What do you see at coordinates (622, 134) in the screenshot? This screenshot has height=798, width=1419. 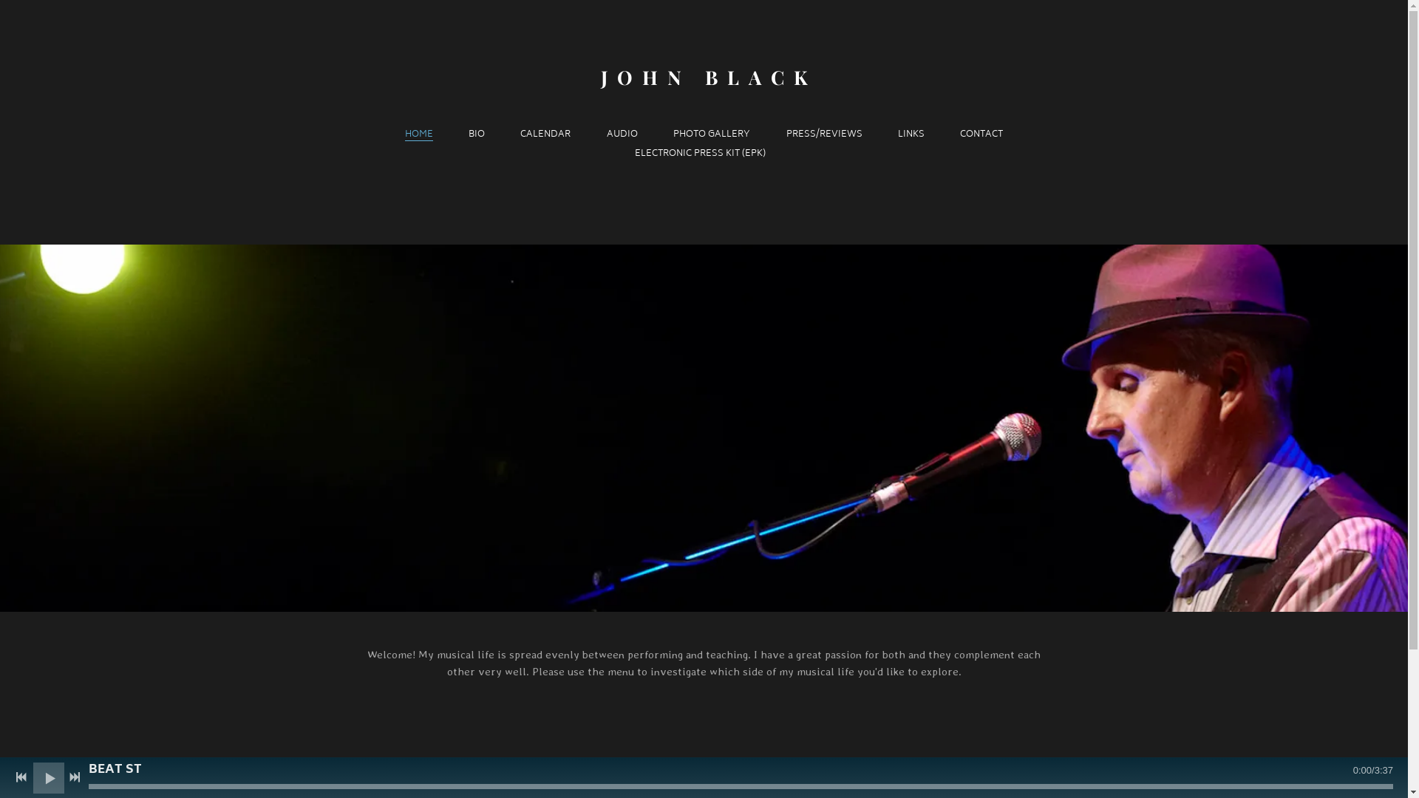 I see `'AUDIO'` at bounding box center [622, 134].